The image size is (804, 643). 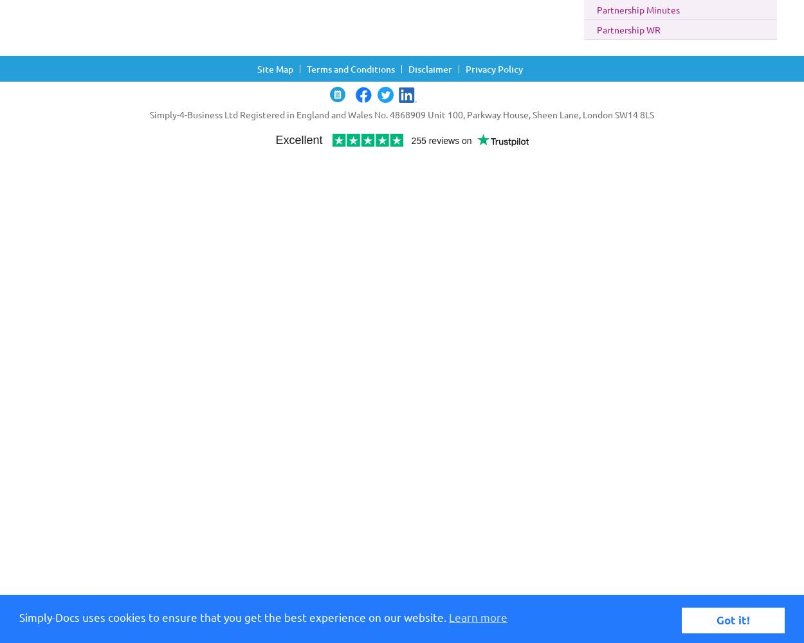 What do you see at coordinates (430, 68) in the screenshot?
I see `'Disclaimer'` at bounding box center [430, 68].